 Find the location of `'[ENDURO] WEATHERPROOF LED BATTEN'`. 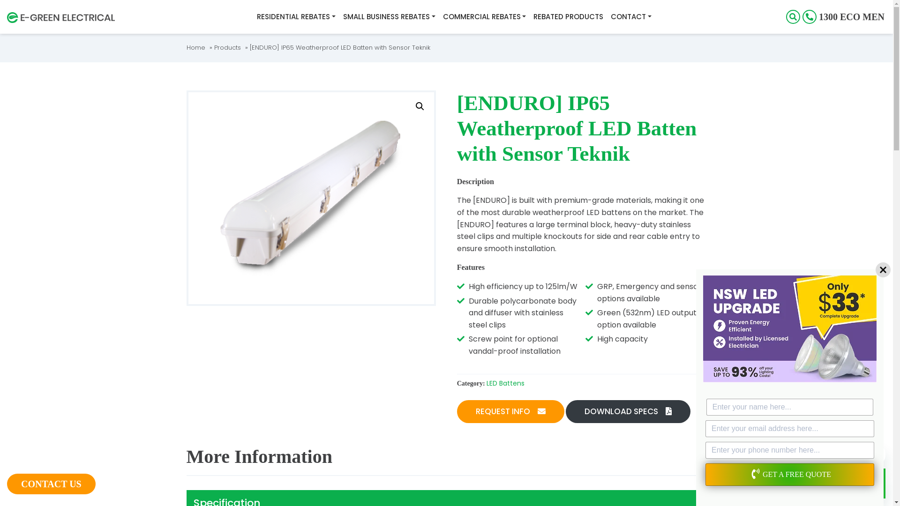

'[ENDURO] WEATHERPROOF LED BATTEN' is located at coordinates (311, 198).